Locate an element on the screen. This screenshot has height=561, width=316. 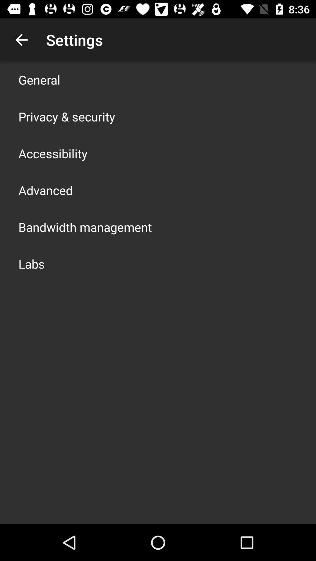
privacy & security app is located at coordinates (66, 116).